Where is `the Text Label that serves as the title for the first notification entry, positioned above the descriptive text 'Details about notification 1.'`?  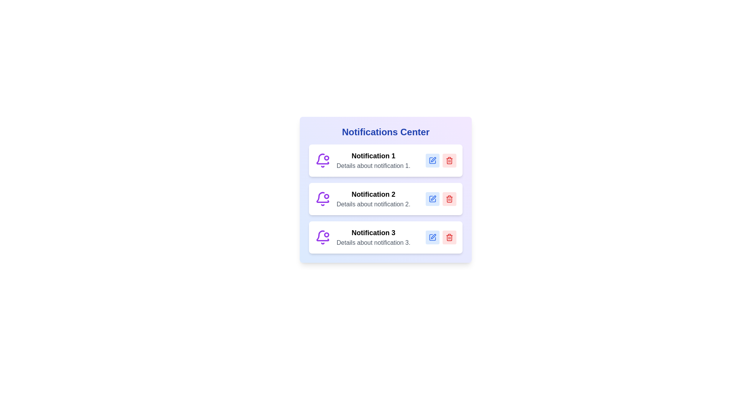
the Text Label that serves as the title for the first notification entry, positioned above the descriptive text 'Details about notification 1.' is located at coordinates (373, 156).